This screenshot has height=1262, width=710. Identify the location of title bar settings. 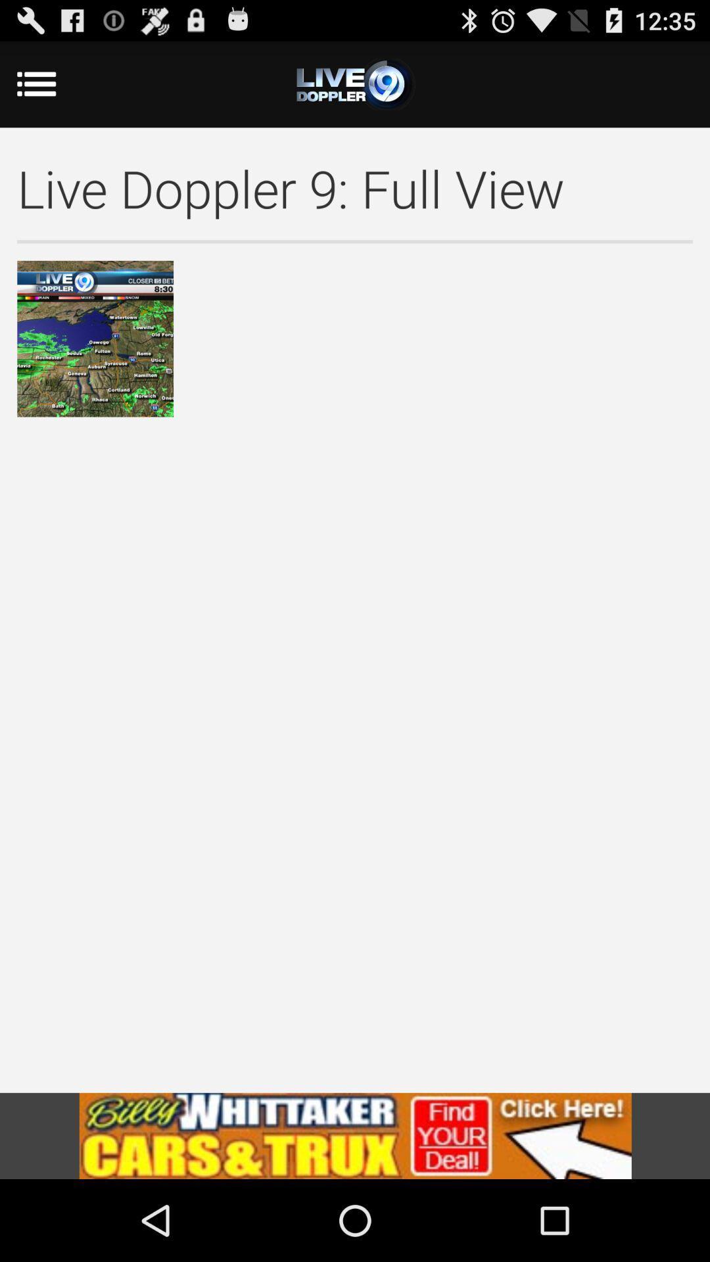
(355, 83).